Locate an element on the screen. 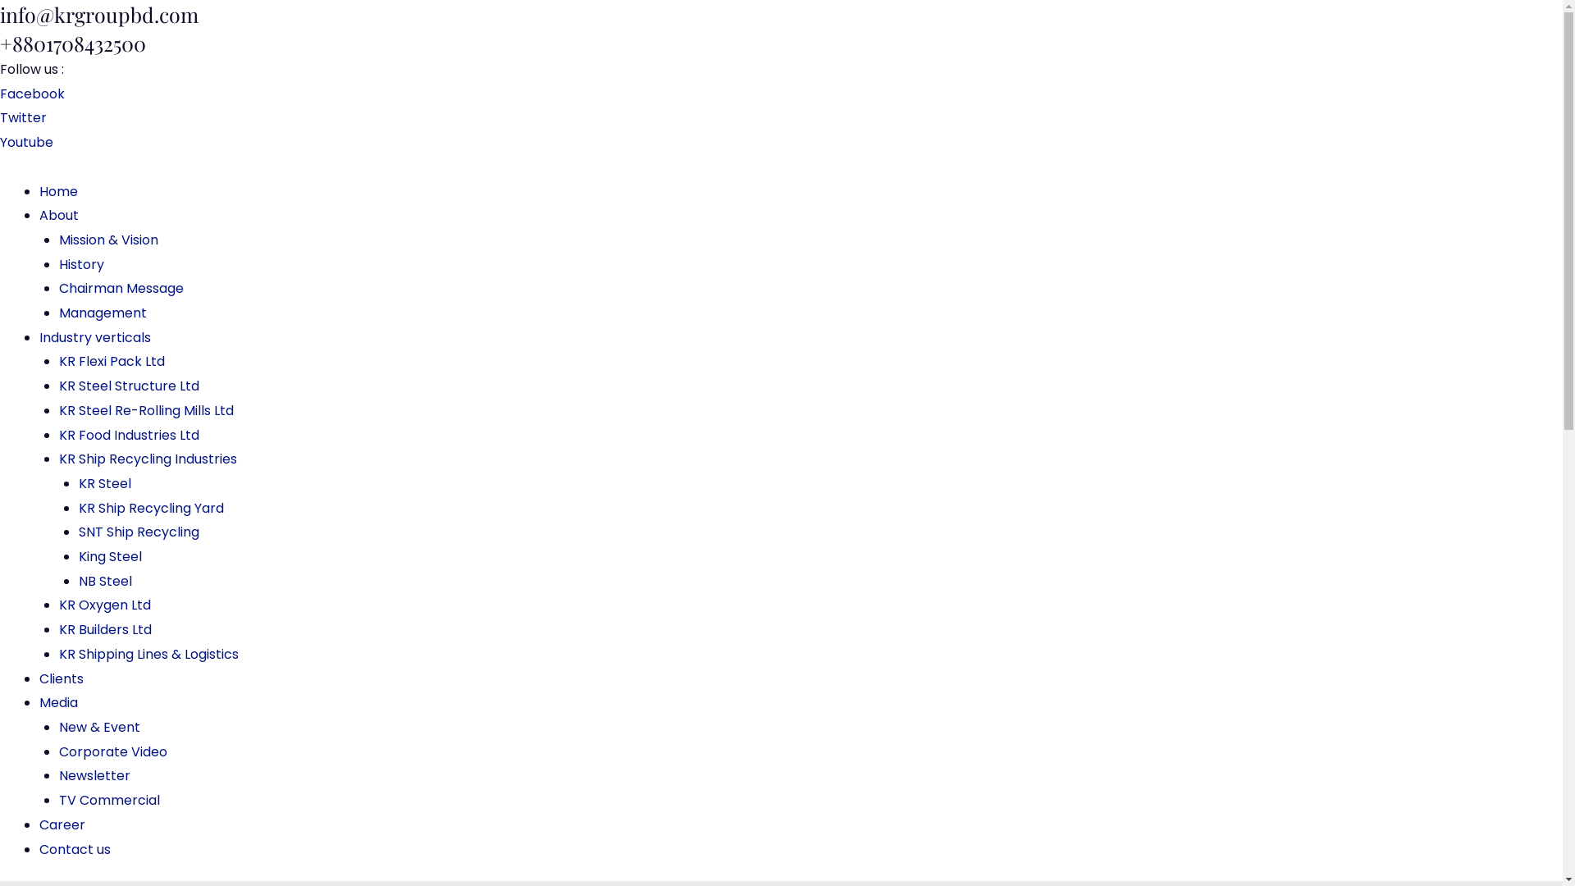 The height and width of the screenshot is (886, 1575). 'History' is located at coordinates (80, 263).